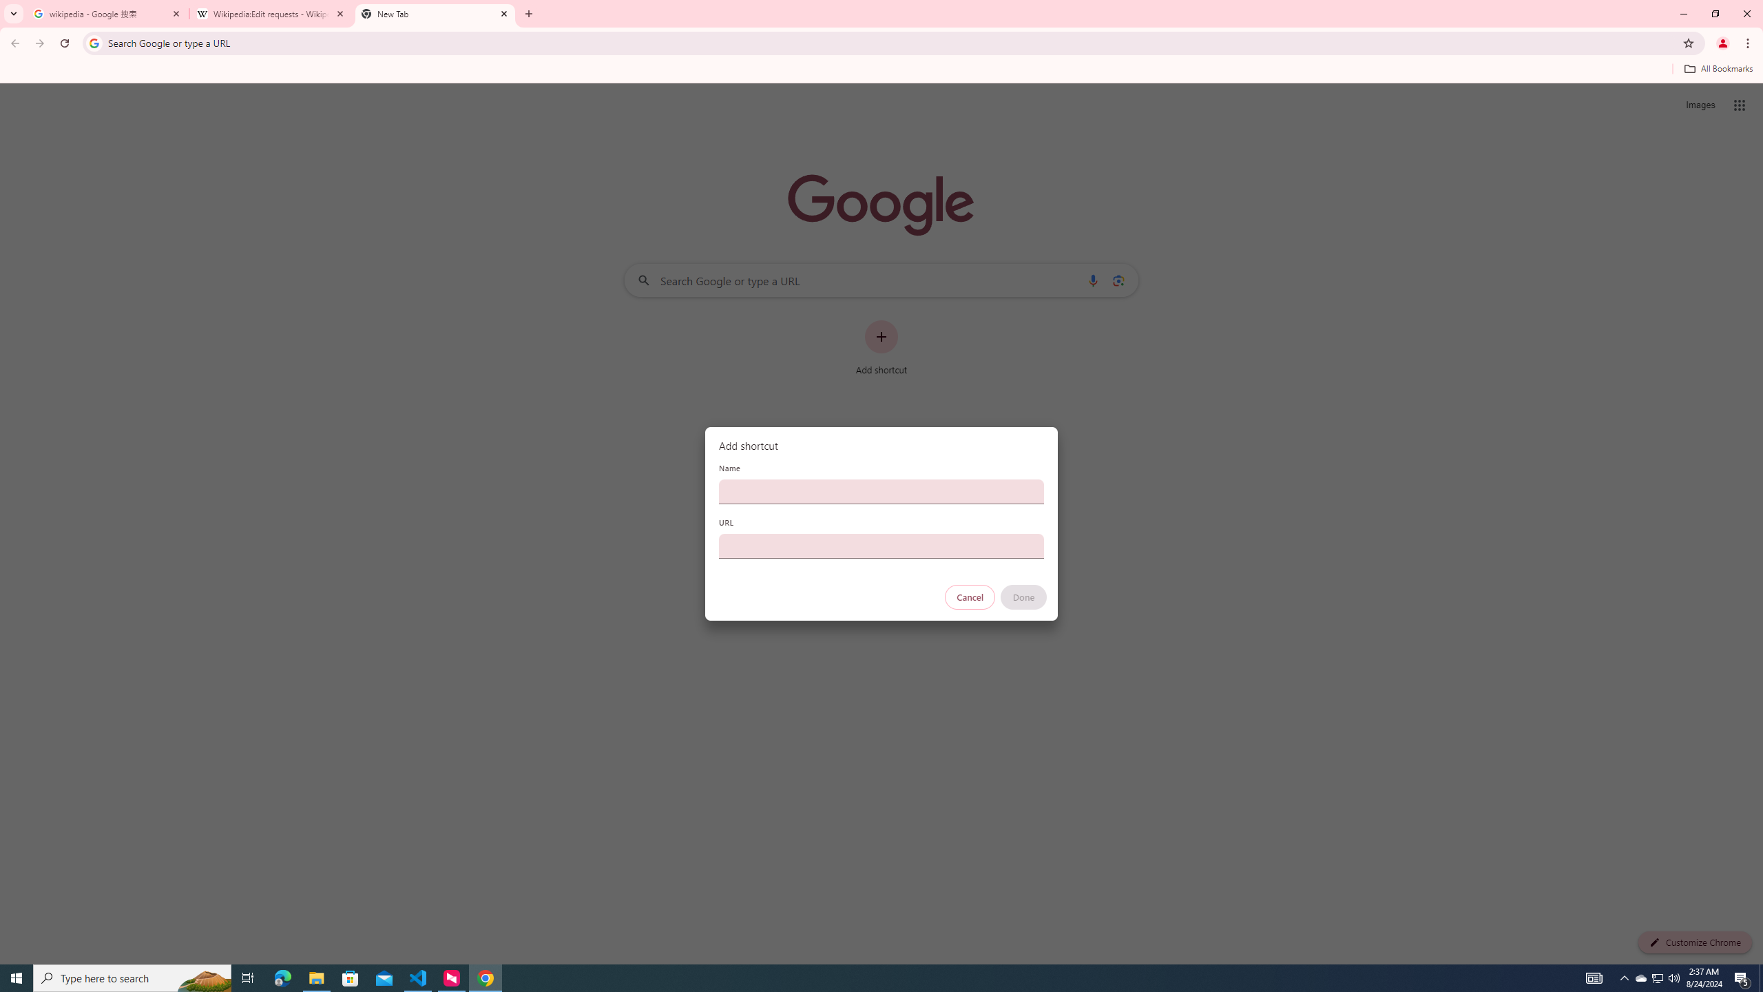  What do you see at coordinates (970, 597) in the screenshot?
I see `'Cancel'` at bounding box center [970, 597].